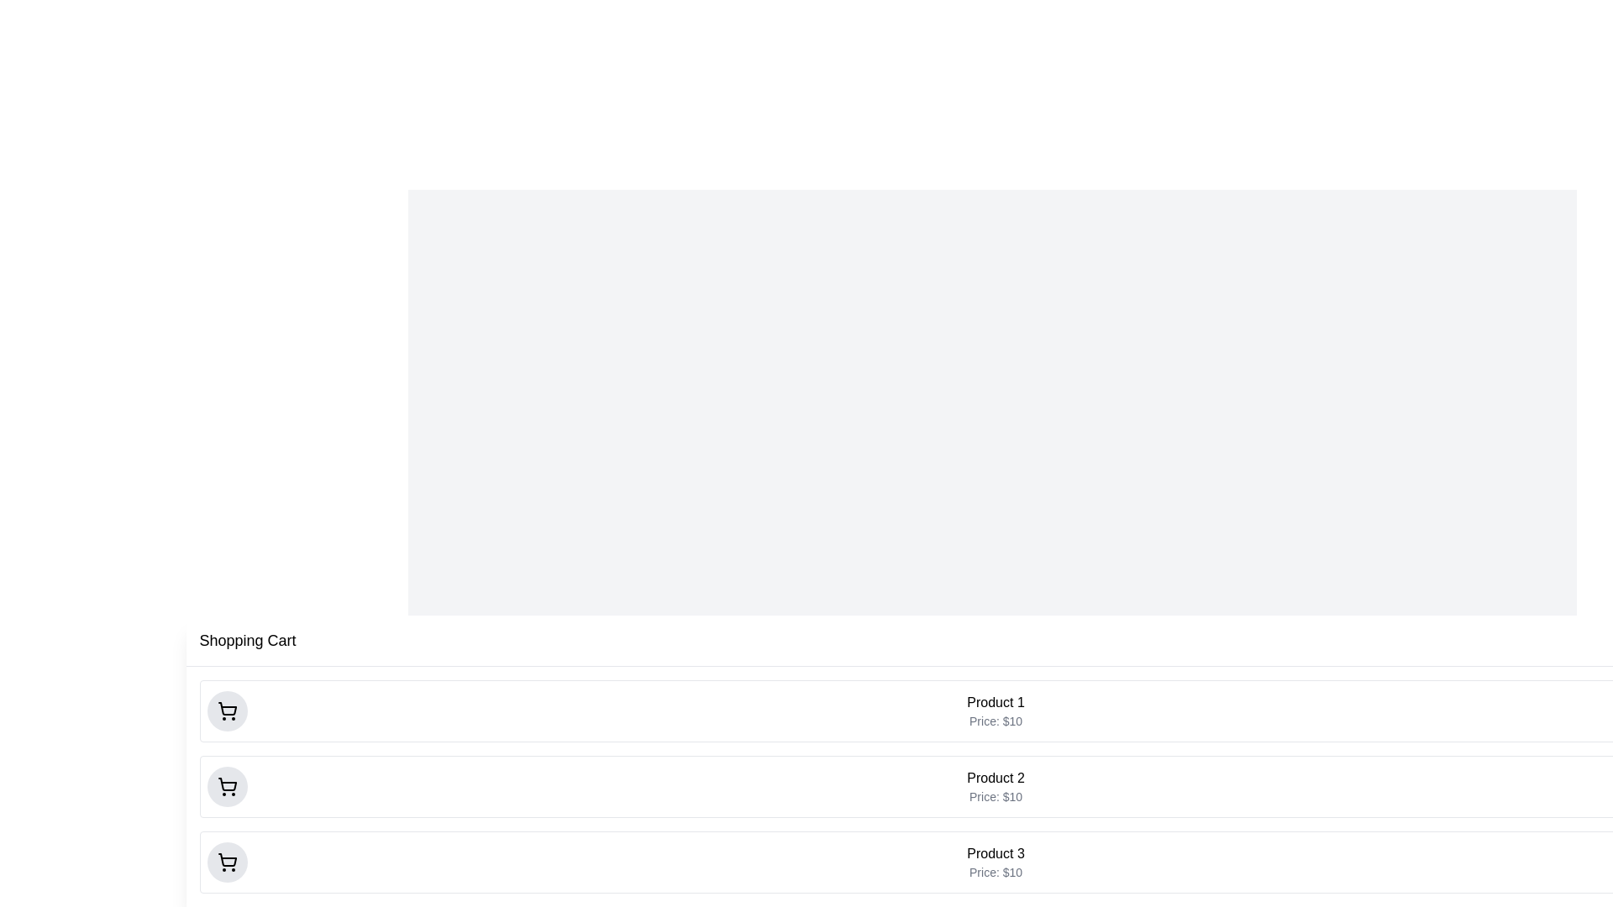 This screenshot has height=907, width=1613. I want to click on the shopping cart icon, so click(226, 787).